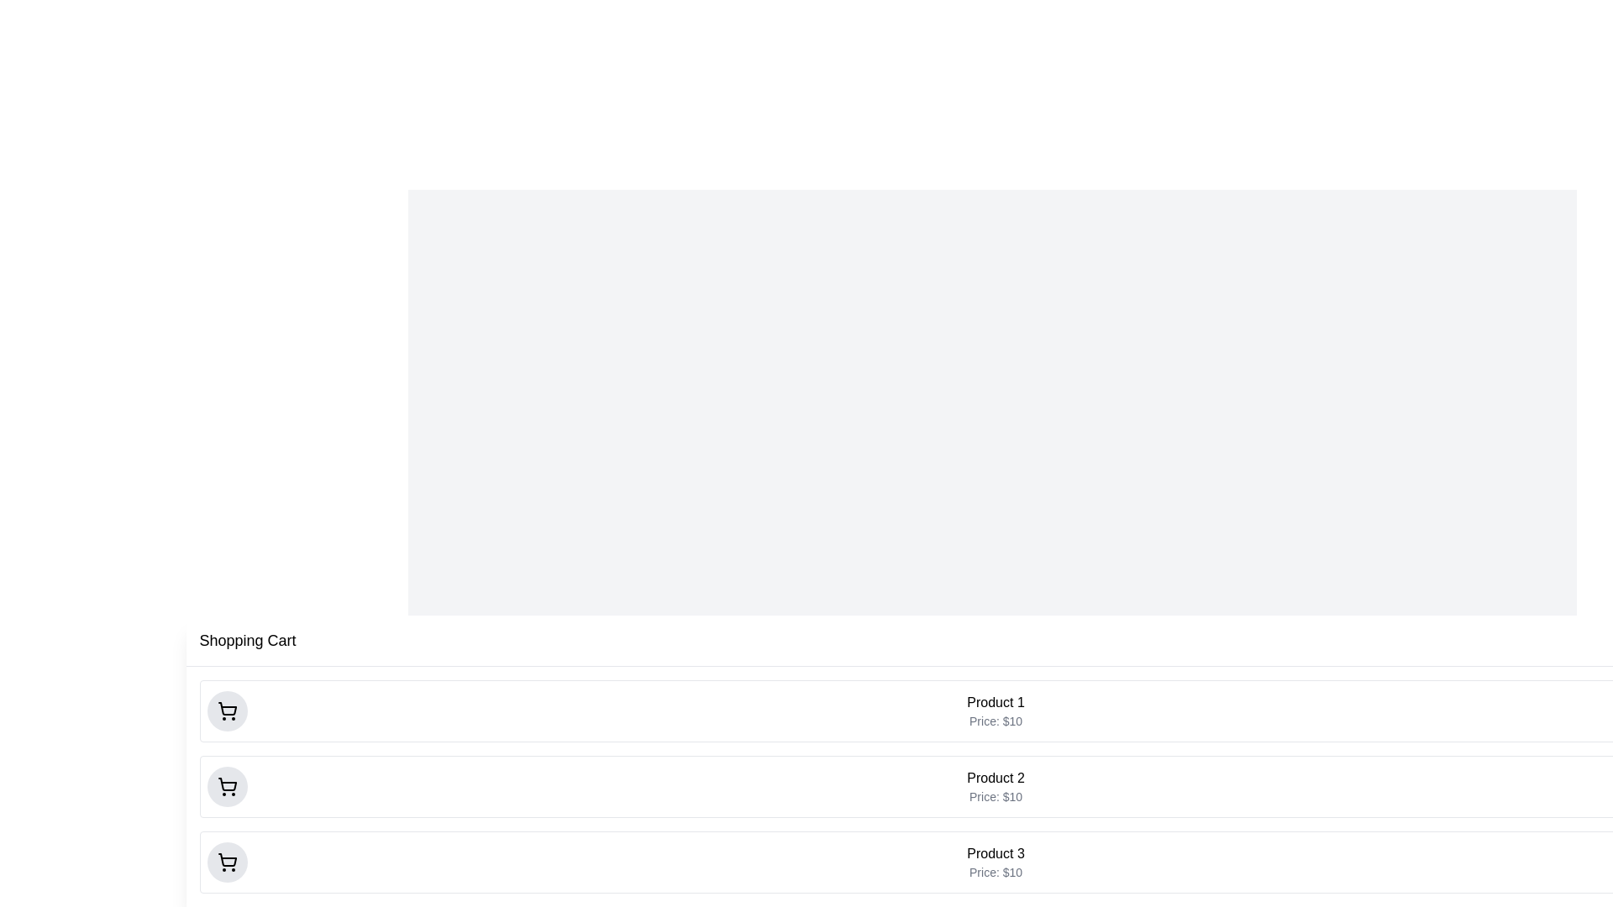 This screenshot has height=907, width=1613. I want to click on the shopping cart icon, so click(226, 787).